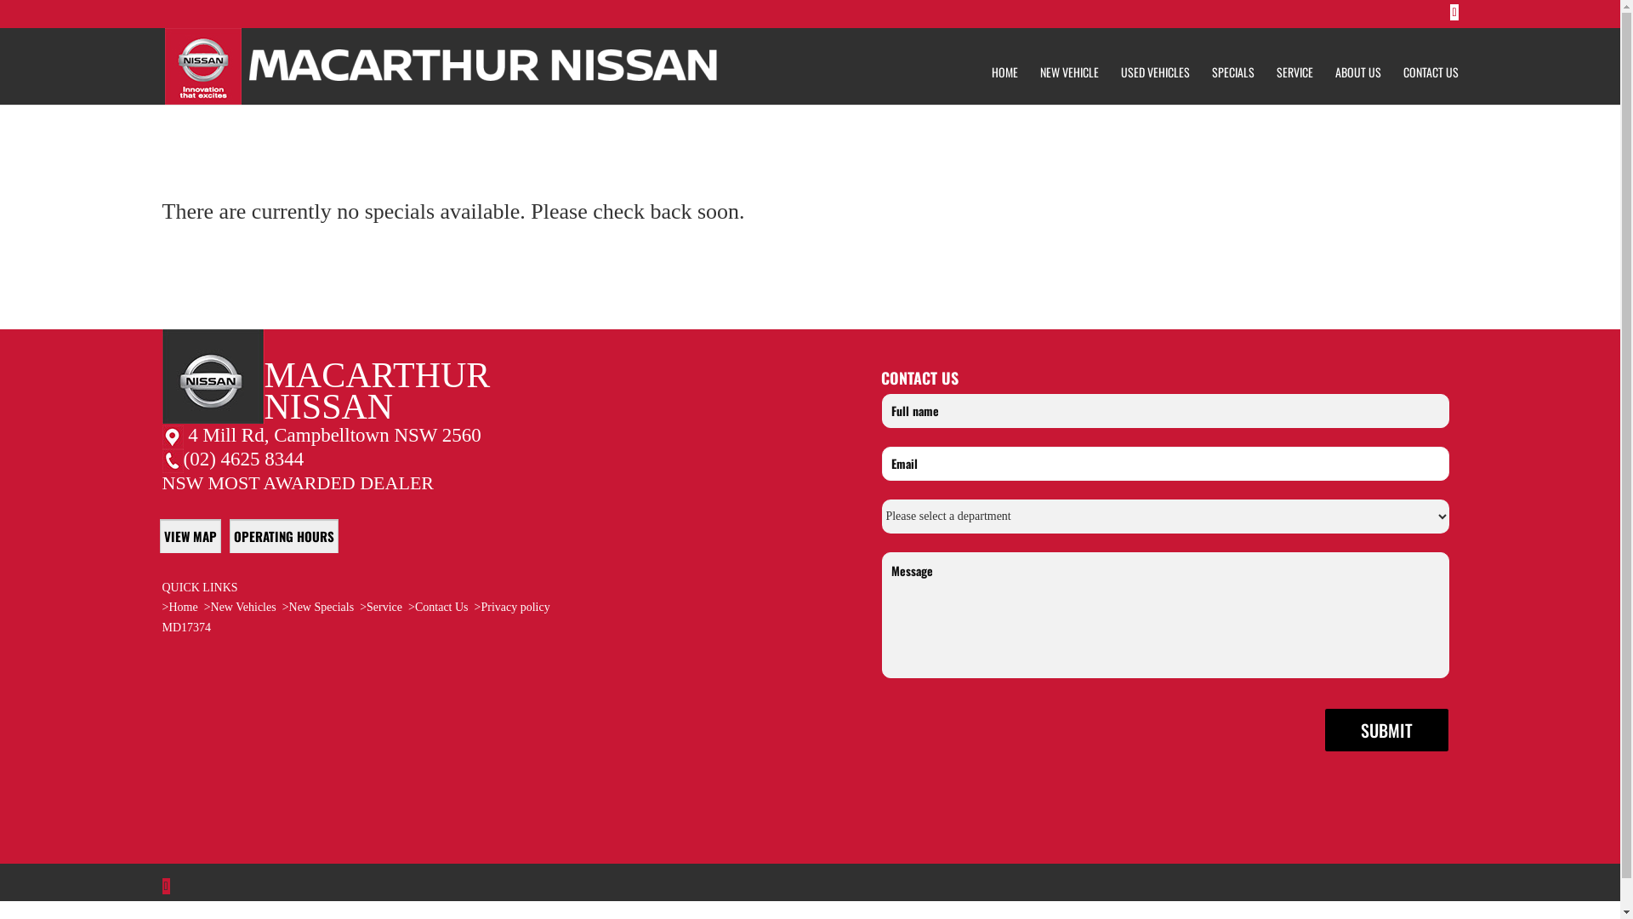 The height and width of the screenshot is (919, 1633). I want to click on 'SERVICE', so click(1293, 77).